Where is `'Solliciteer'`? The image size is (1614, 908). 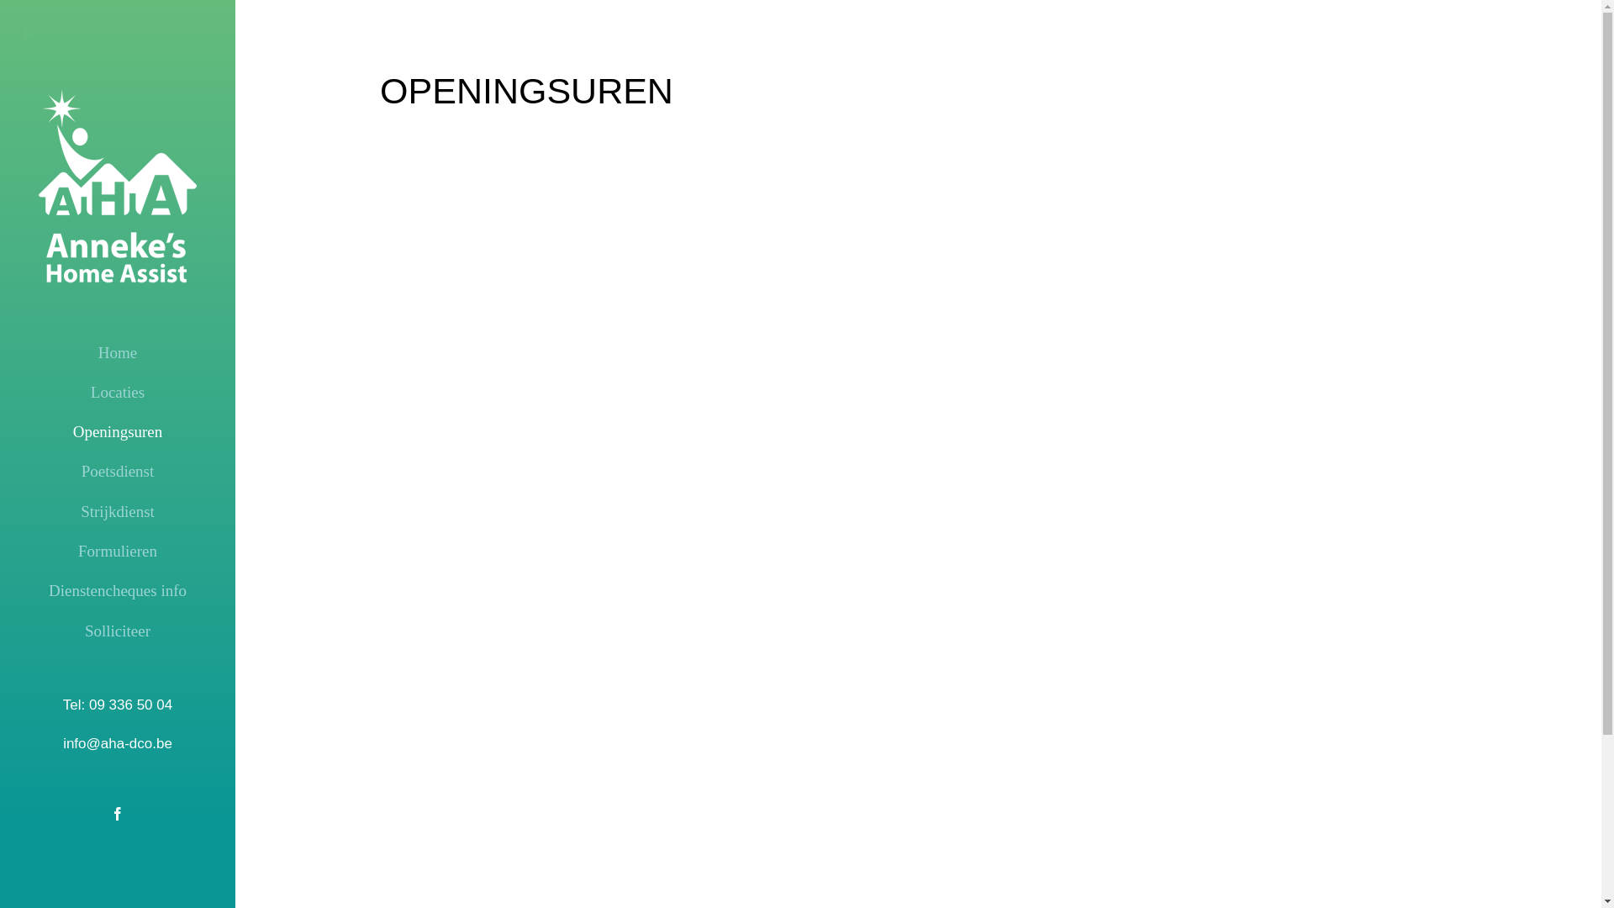 'Solliciteer' is located at coordinates (116, 631).